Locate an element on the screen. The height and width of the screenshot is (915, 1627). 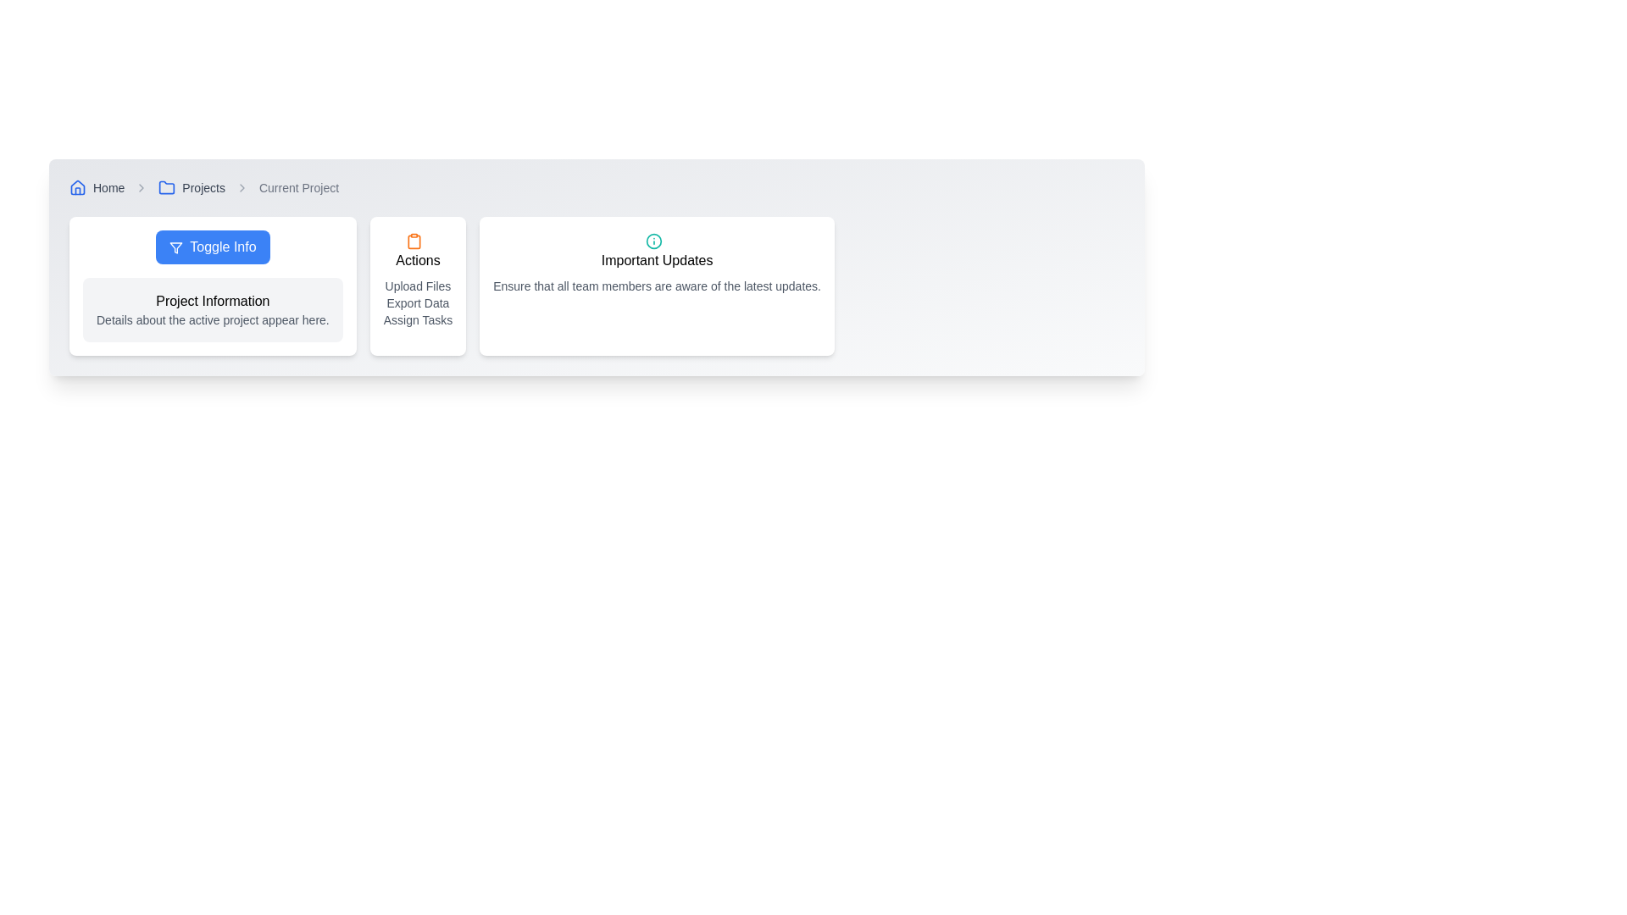
the 'Actions' text label, which is styled in medium font weight and located centrally within the second card of a three-card layout, above the list of options including 'Upload Files', 'Export Data', and 'Assign Tasks' is located at coordinates (418, 261).